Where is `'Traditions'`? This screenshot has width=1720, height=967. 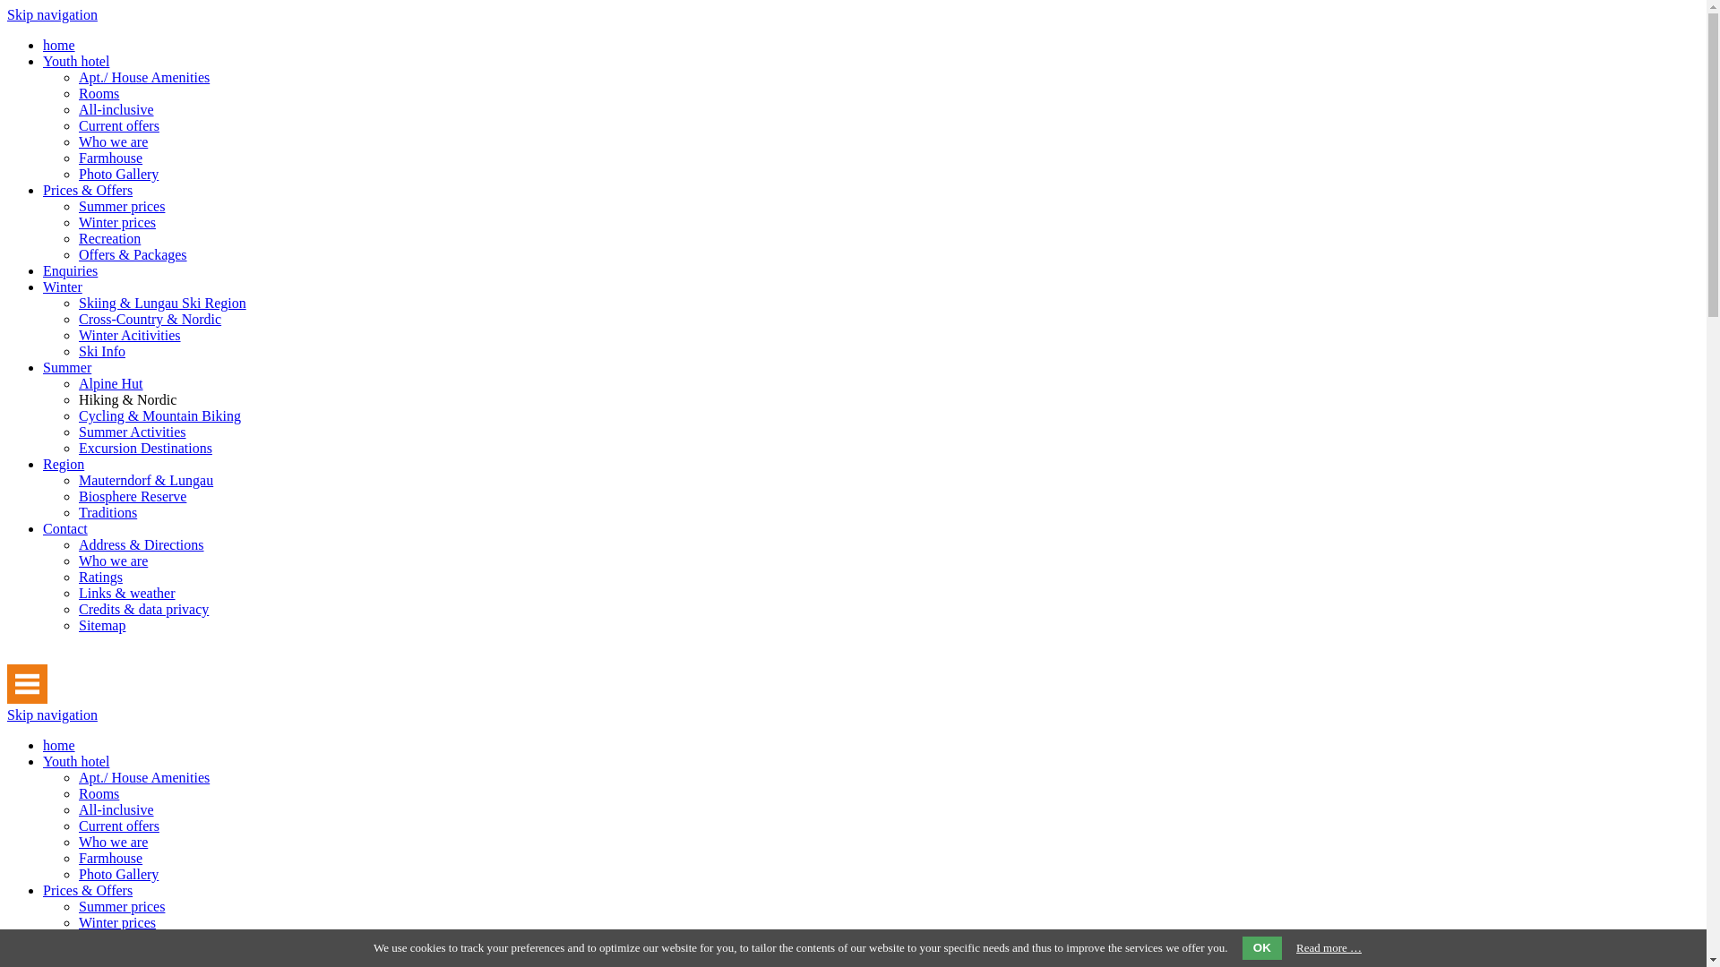
'Traditions' is located at coordinates (107, 512).